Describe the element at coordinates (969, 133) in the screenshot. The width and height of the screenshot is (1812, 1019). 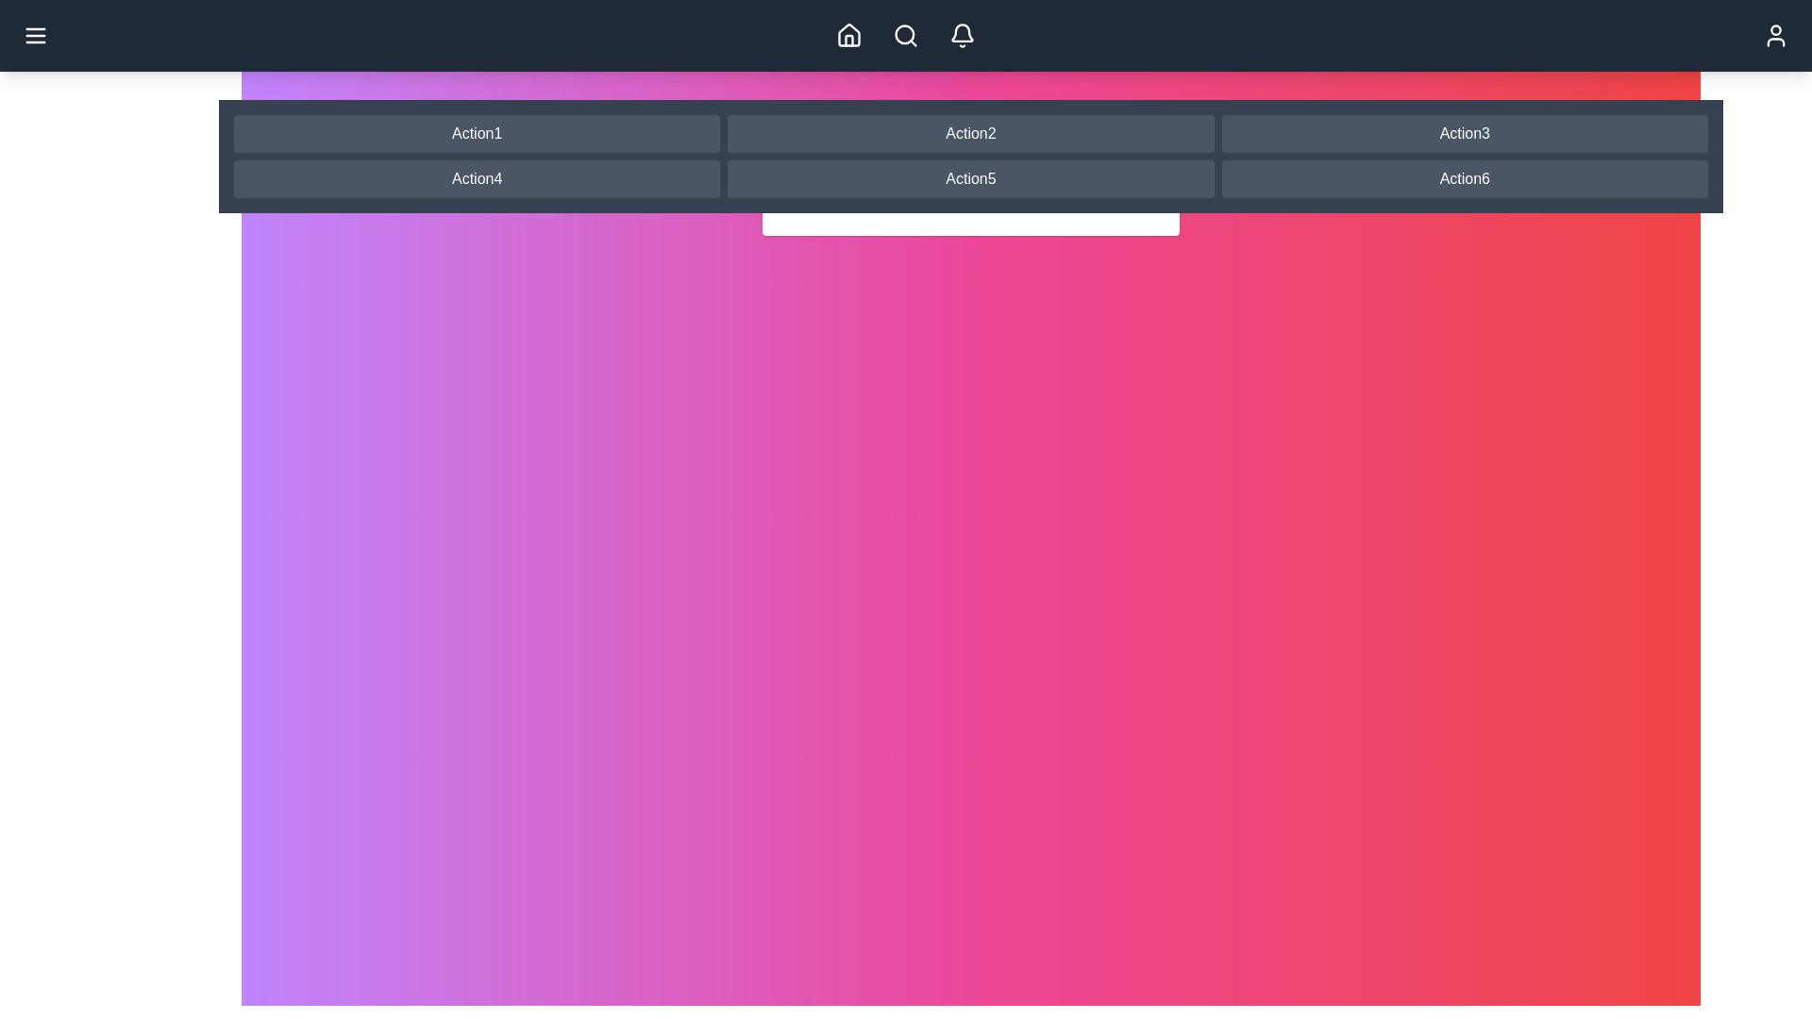
I see `the navigation button labeled Action2` at that location.